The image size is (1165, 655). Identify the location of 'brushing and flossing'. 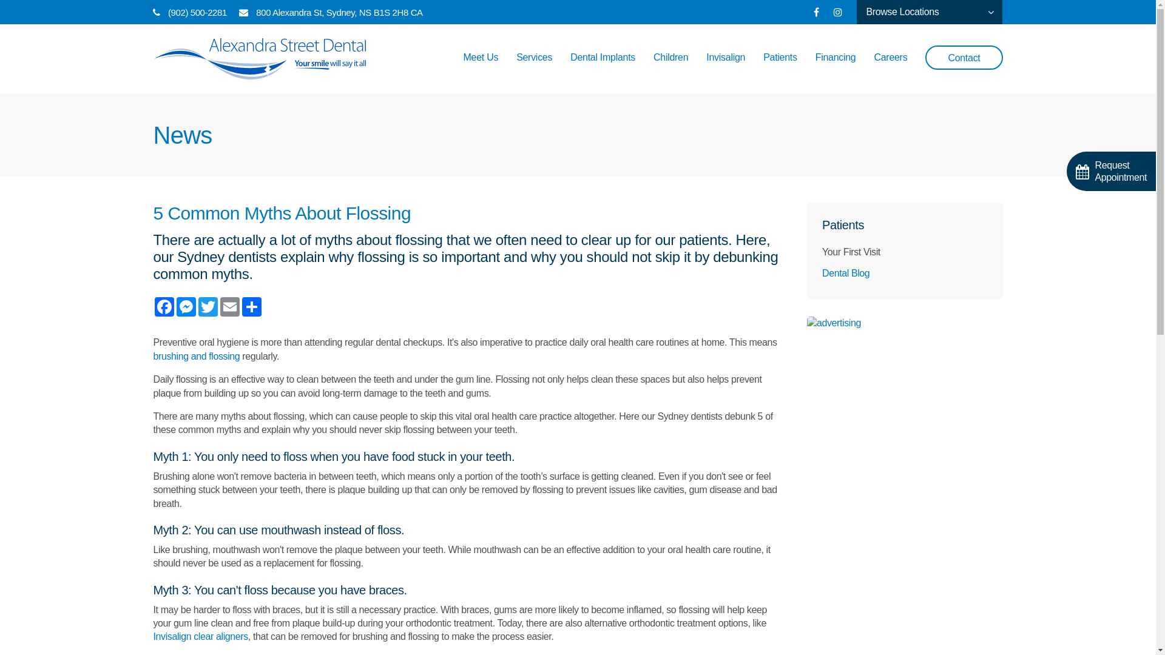
(196, 355).